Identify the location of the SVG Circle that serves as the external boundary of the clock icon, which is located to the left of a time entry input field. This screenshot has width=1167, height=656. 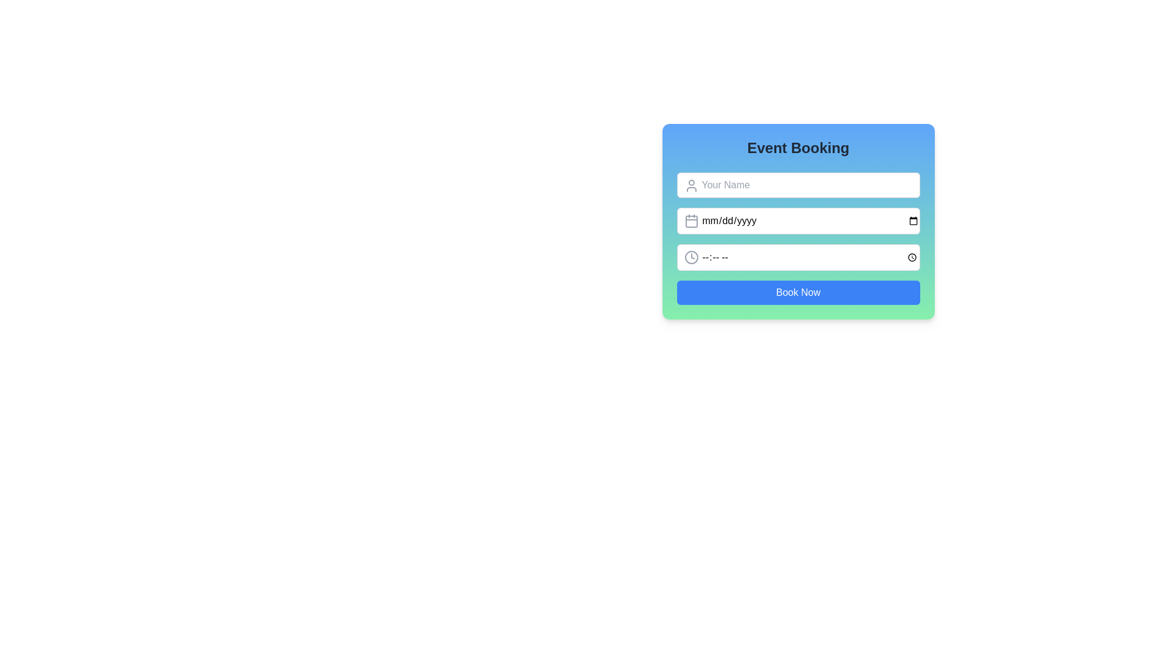
(691, 257).